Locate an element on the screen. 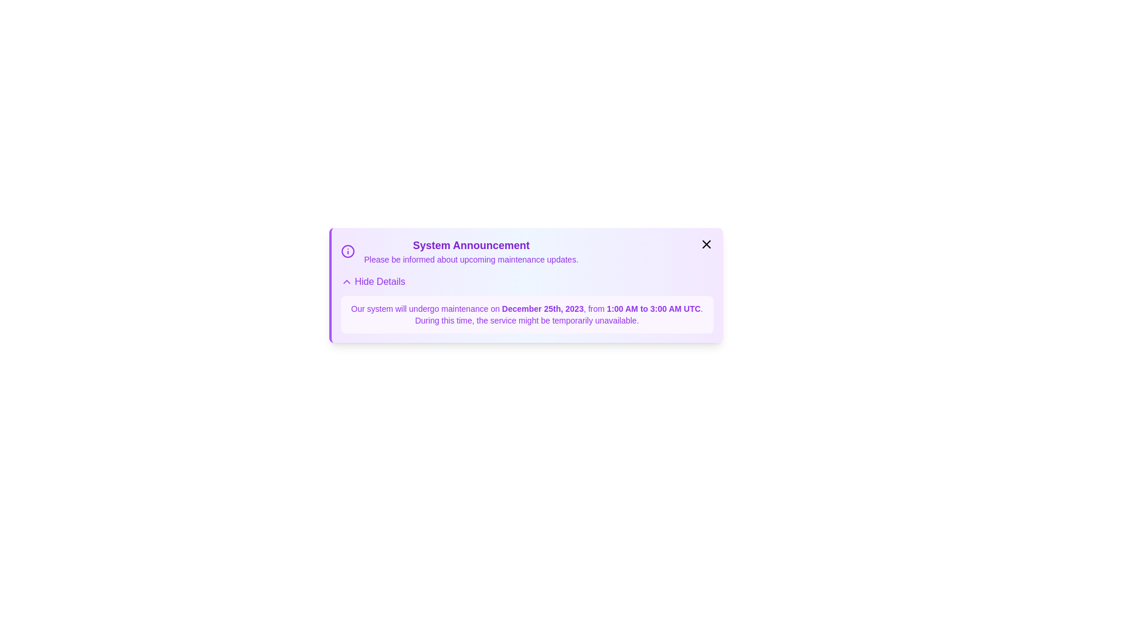 The height and width of the screenshot is (633, 1125). the Close button represented by the 'X' mark in the top-right corner of the notification box is located at coordinates (705, 243).